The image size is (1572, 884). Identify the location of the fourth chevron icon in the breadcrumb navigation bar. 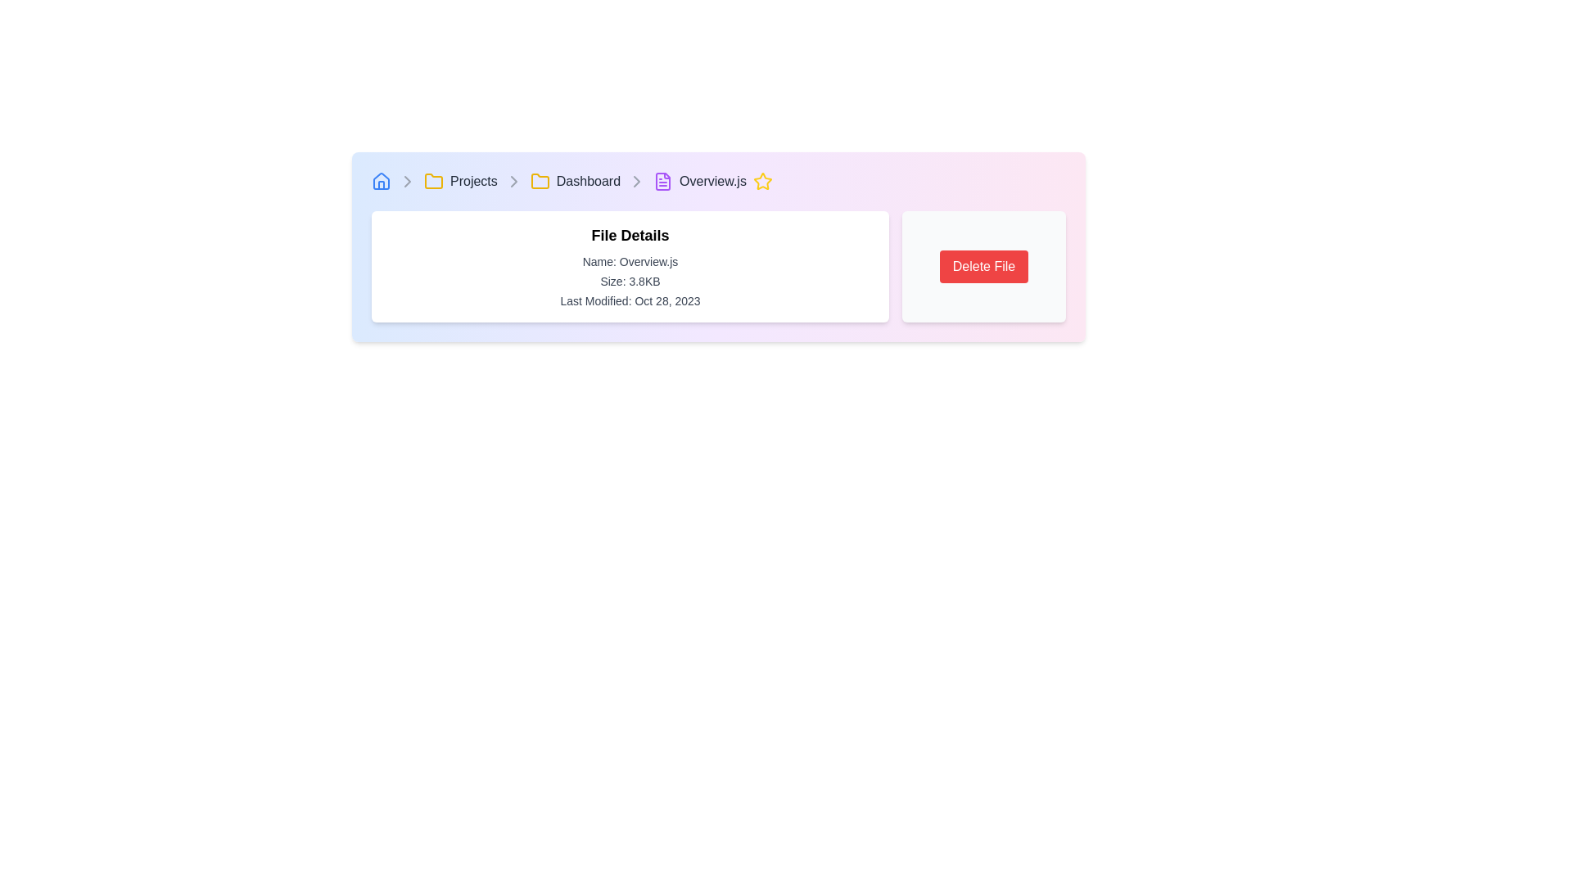
(635, 182).